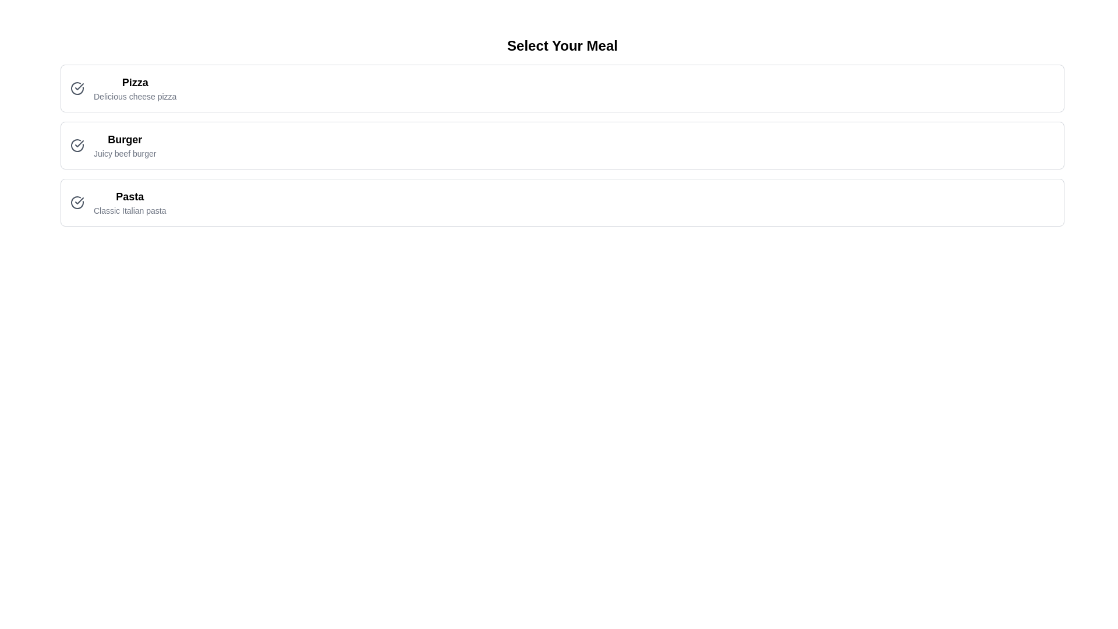 This screenshot has height=629, width=1118. I want to click on the Text Label Group displaying 'Pizza' and its description, so click(135, 87).